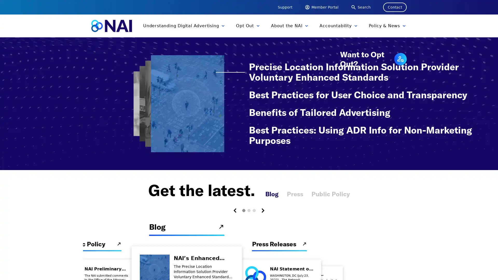  What do you see at coordinates (271, 194) in the screenshot?
I see `Blog` at bounding box center [271, 194].